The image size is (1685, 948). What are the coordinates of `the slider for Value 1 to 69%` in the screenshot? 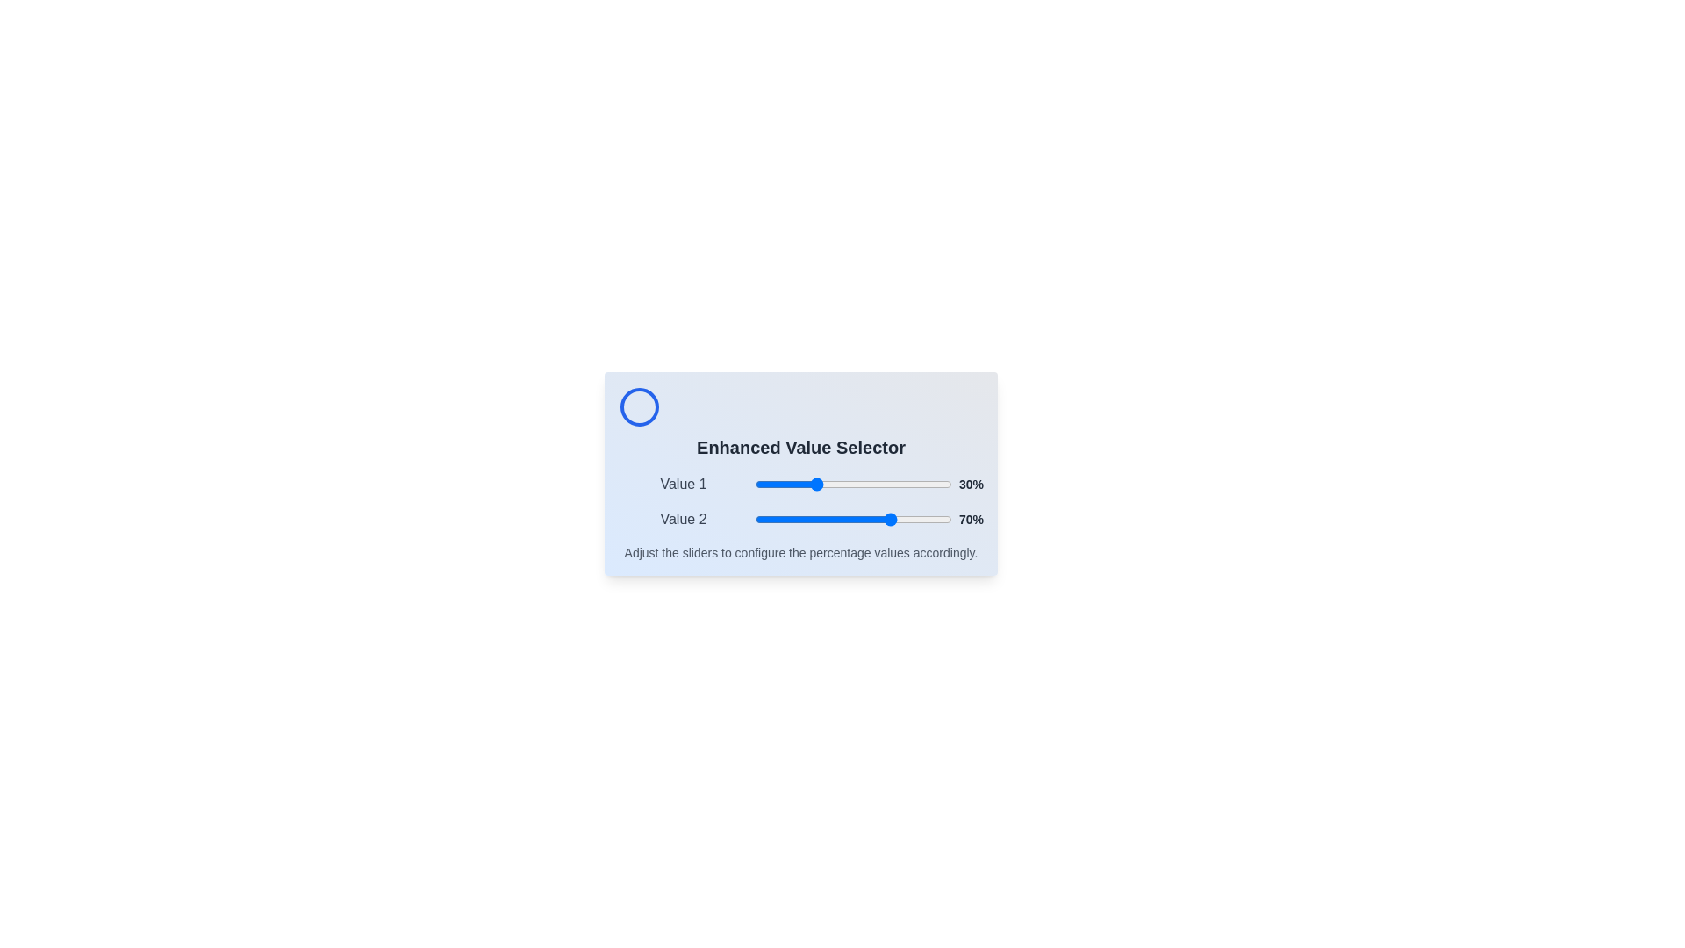 It's located at (891, 484).